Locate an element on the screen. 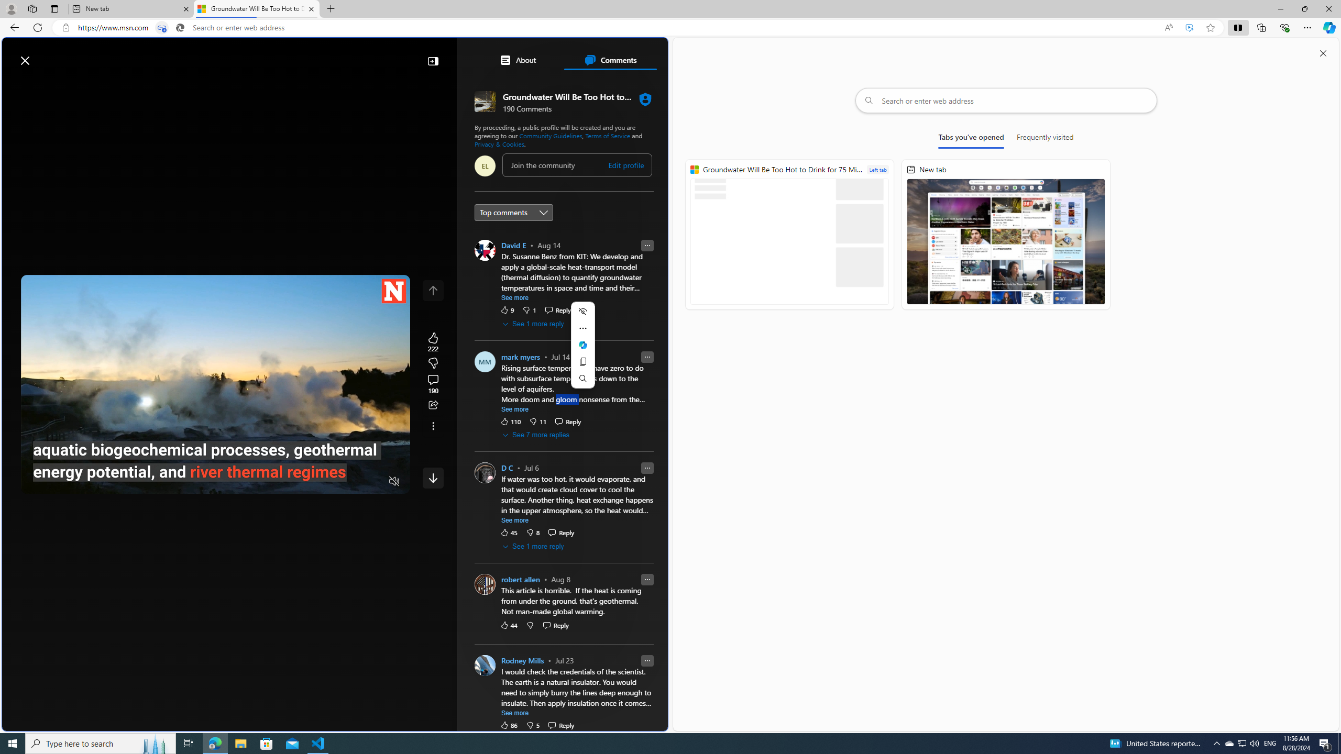 Image resolution: width=1341 pixels, height=754 pixels. 'Copy' is located at coordinates (582, 361).